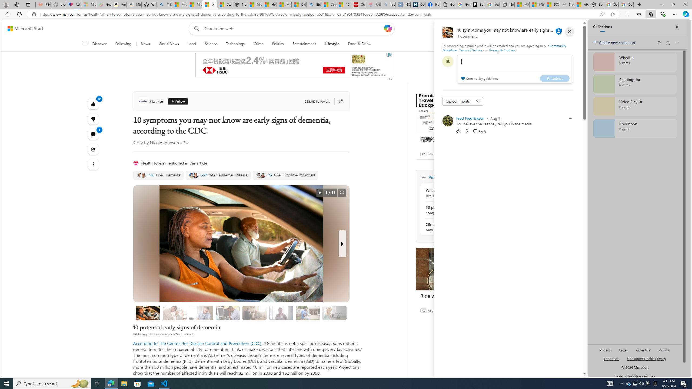 Image resolution: width=692 pixels, height=389 pixels. What do you see at coordinates (566, 4) in the screenshot?
I see `'Navy Quest'` at bounding box center [566, 4].